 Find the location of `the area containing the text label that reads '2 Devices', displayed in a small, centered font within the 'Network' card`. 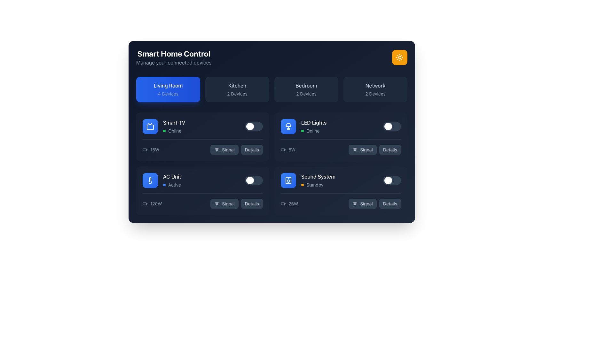

the area containing the text label that reads '2 Devices', displayed in a small, centered font within the 'Network' card is located at coordinates (375, 94).